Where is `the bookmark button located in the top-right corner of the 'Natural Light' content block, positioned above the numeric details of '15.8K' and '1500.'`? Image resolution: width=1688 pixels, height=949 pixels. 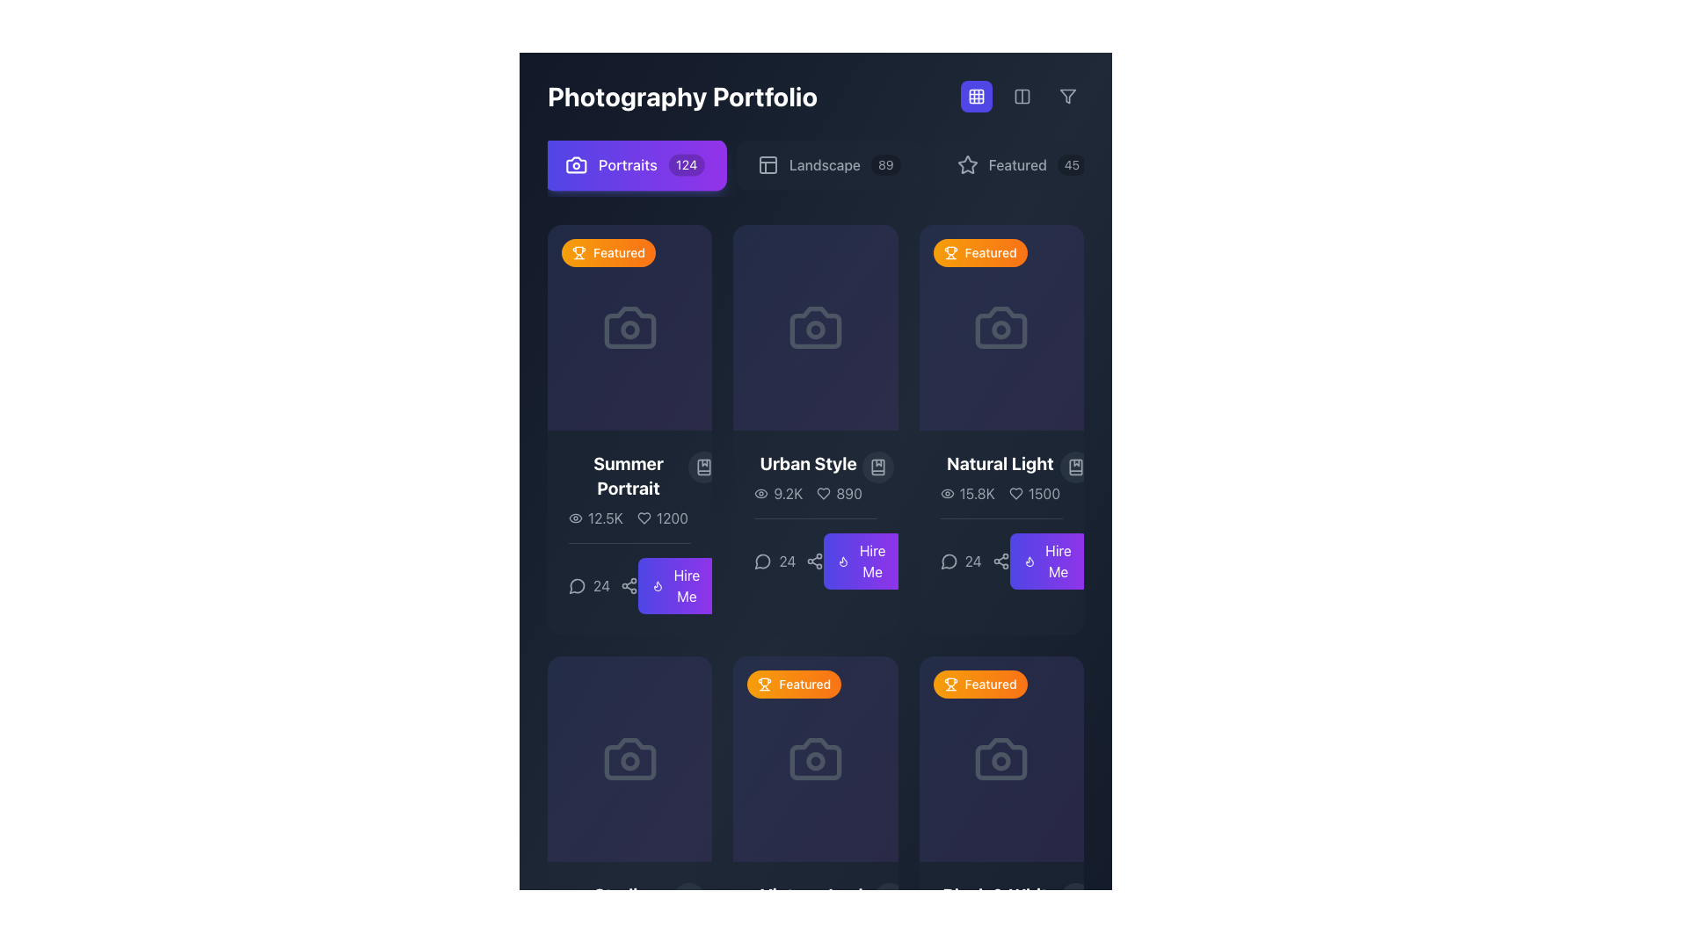
the bookmark button located in the top-right corner of the 'Natural Light' content block, positioned above the numeric details of '15.8K' and '1500.' is located at coordinates (1075, 467).